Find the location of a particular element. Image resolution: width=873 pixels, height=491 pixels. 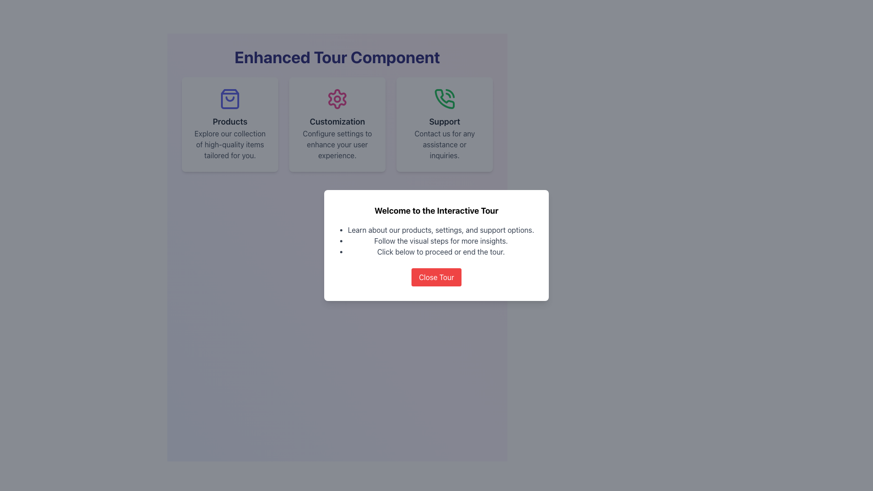

instructions inside the modal dialog titled 'Welcome to the Interactive Tour' which features a bulleted list of instructions is located at coordinates (436, 245).